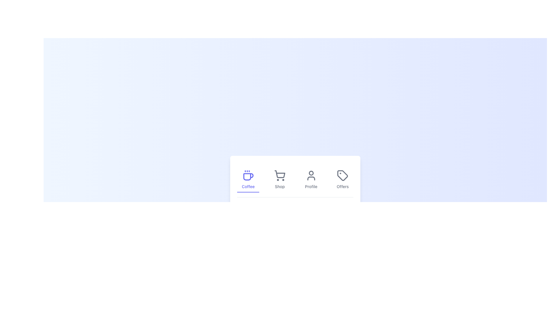 The width and height of the screenshot is (558, 314). I want to click on the stylized coffee cup icon located in the bottom navigation bar, so click(248, 175).